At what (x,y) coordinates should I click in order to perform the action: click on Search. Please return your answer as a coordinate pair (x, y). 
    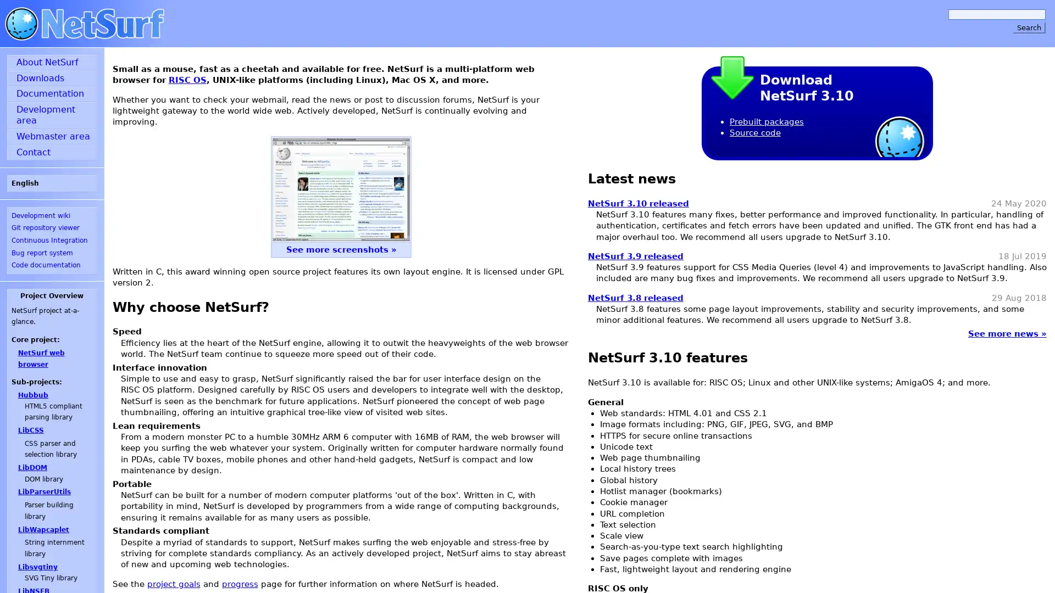
    Looking at the image, I should click on (1028, 27).